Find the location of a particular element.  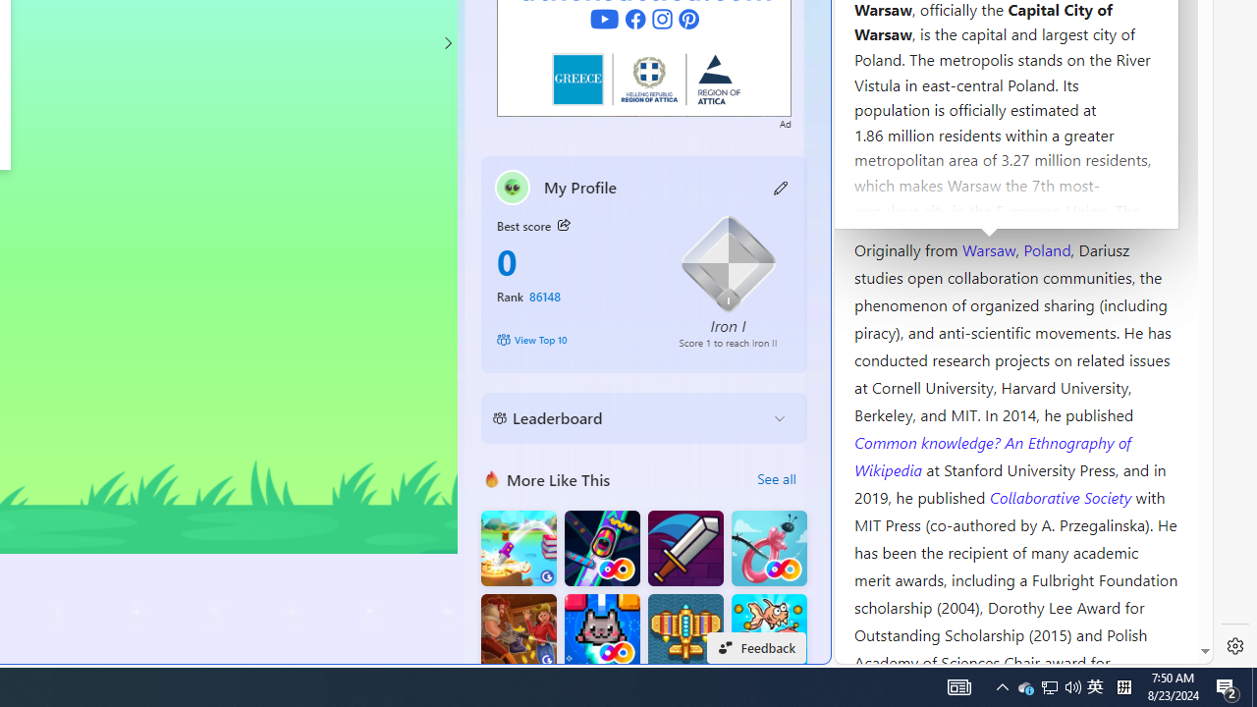

'Dungeon Master Knight' is located at coordinates (685, 548).